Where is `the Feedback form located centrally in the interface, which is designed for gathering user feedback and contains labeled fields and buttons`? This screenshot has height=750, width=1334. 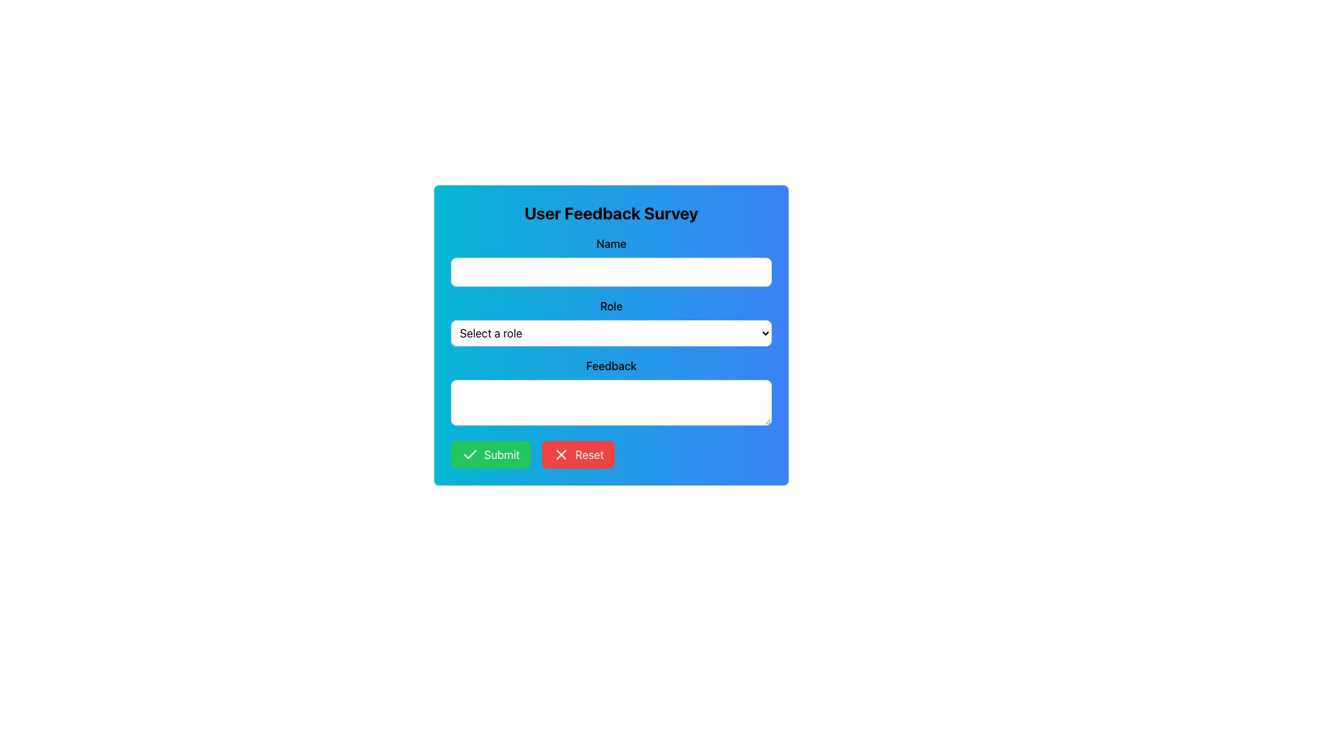
the Feedback form located centrally in the interface, which is designed for gathering user feedback and contains labeled fields and buttons is located at coordinates (611, 335).